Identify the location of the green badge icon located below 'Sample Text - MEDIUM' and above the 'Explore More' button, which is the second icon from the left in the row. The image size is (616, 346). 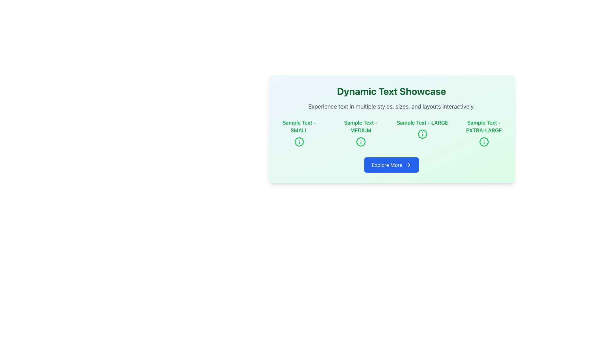
(361, 142).